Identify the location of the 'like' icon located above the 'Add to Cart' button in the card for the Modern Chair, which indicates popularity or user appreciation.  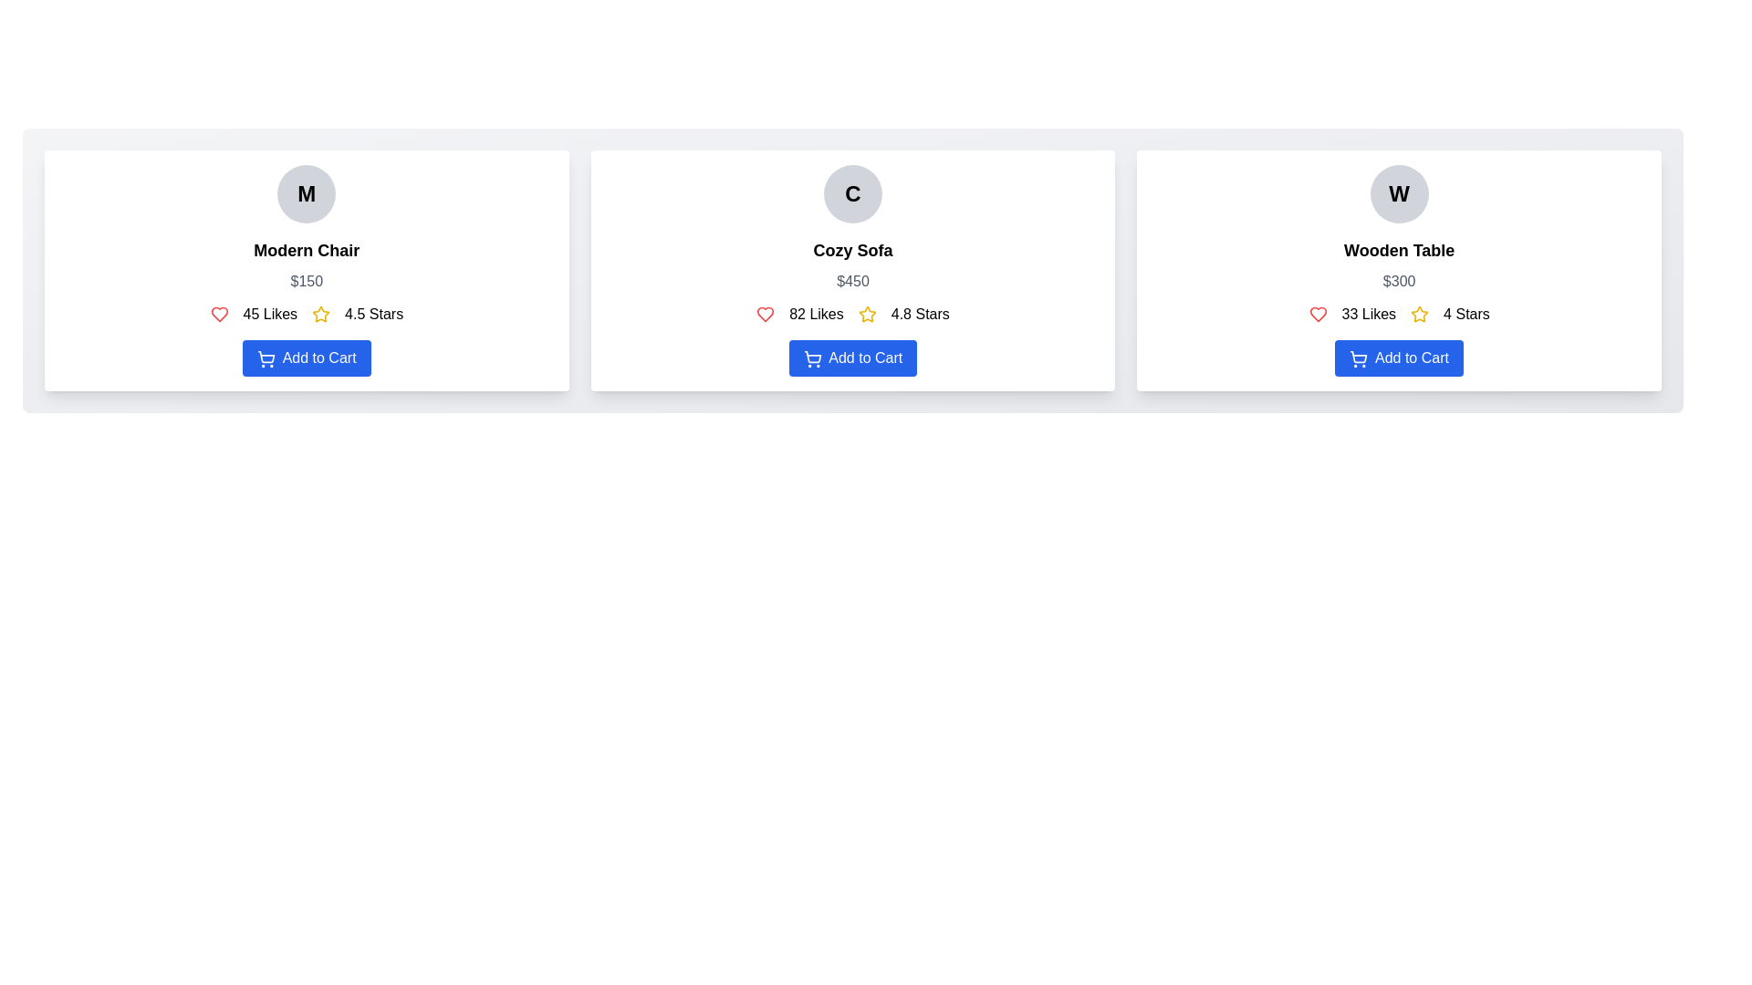
(219, 313).